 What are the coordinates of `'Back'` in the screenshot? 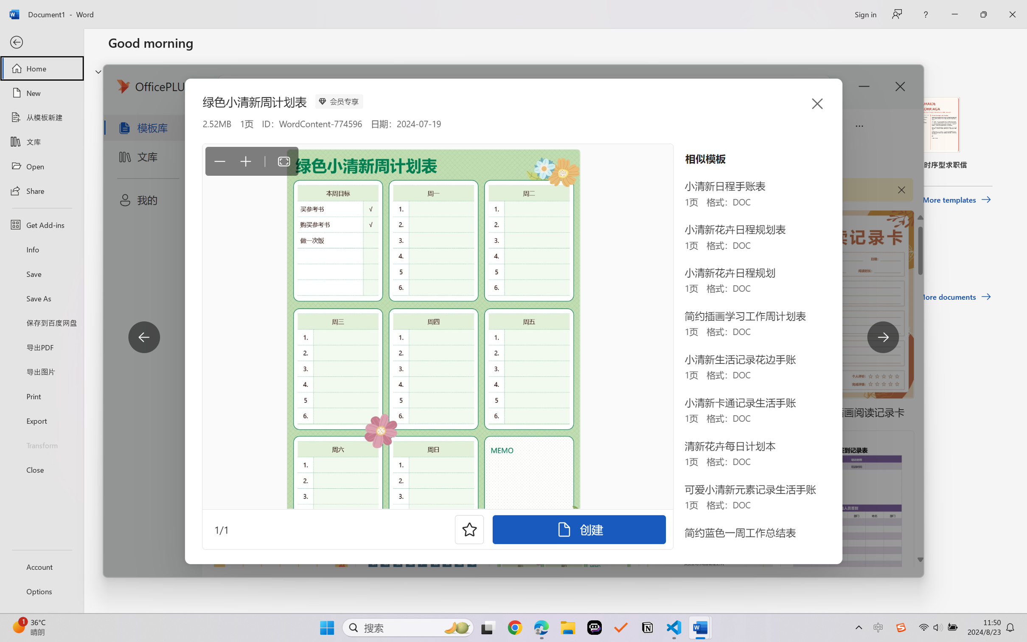 It's located at (41, 42).